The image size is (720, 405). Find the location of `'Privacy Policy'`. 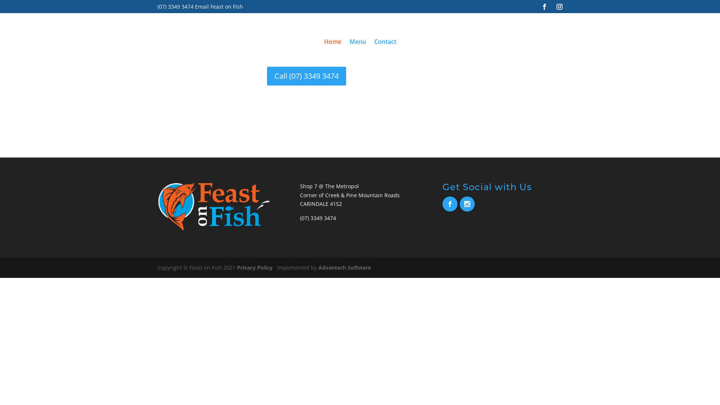

'Privacy Policy' is located at coordinates (255, 267).